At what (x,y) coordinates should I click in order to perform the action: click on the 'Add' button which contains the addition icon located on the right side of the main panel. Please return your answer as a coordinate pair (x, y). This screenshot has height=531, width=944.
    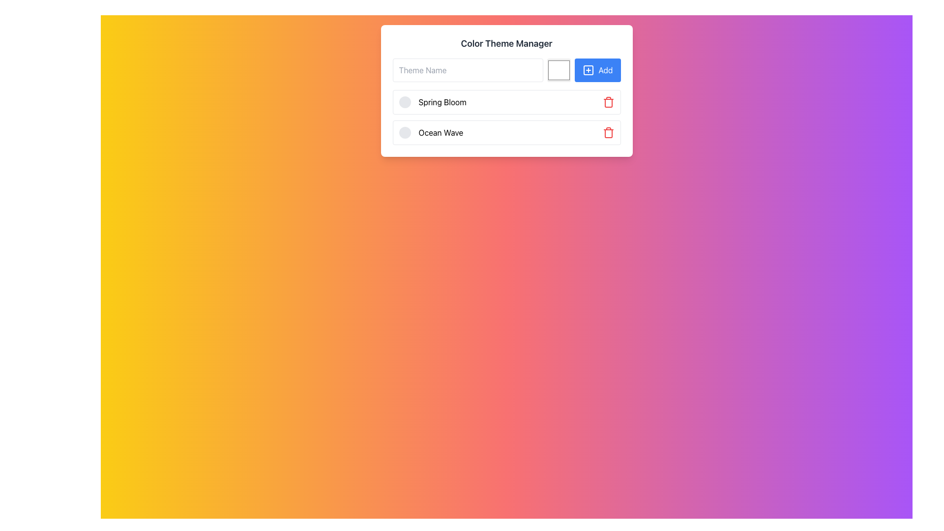
    Looking at the image, I should click on (589, 69).